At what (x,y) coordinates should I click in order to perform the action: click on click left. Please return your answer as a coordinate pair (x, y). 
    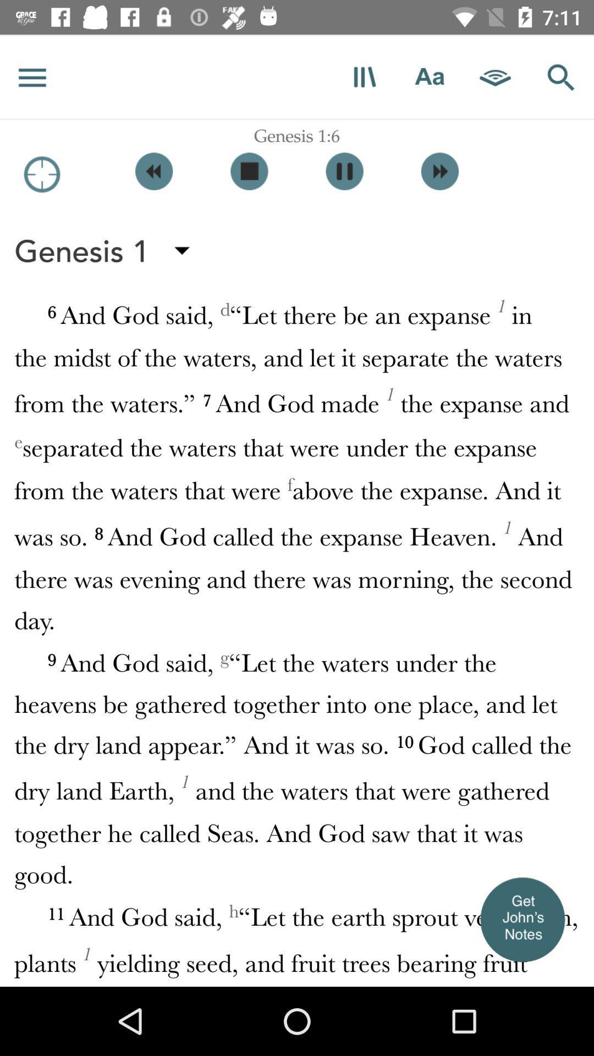
    Looking at the image, I should click on (154, 170).